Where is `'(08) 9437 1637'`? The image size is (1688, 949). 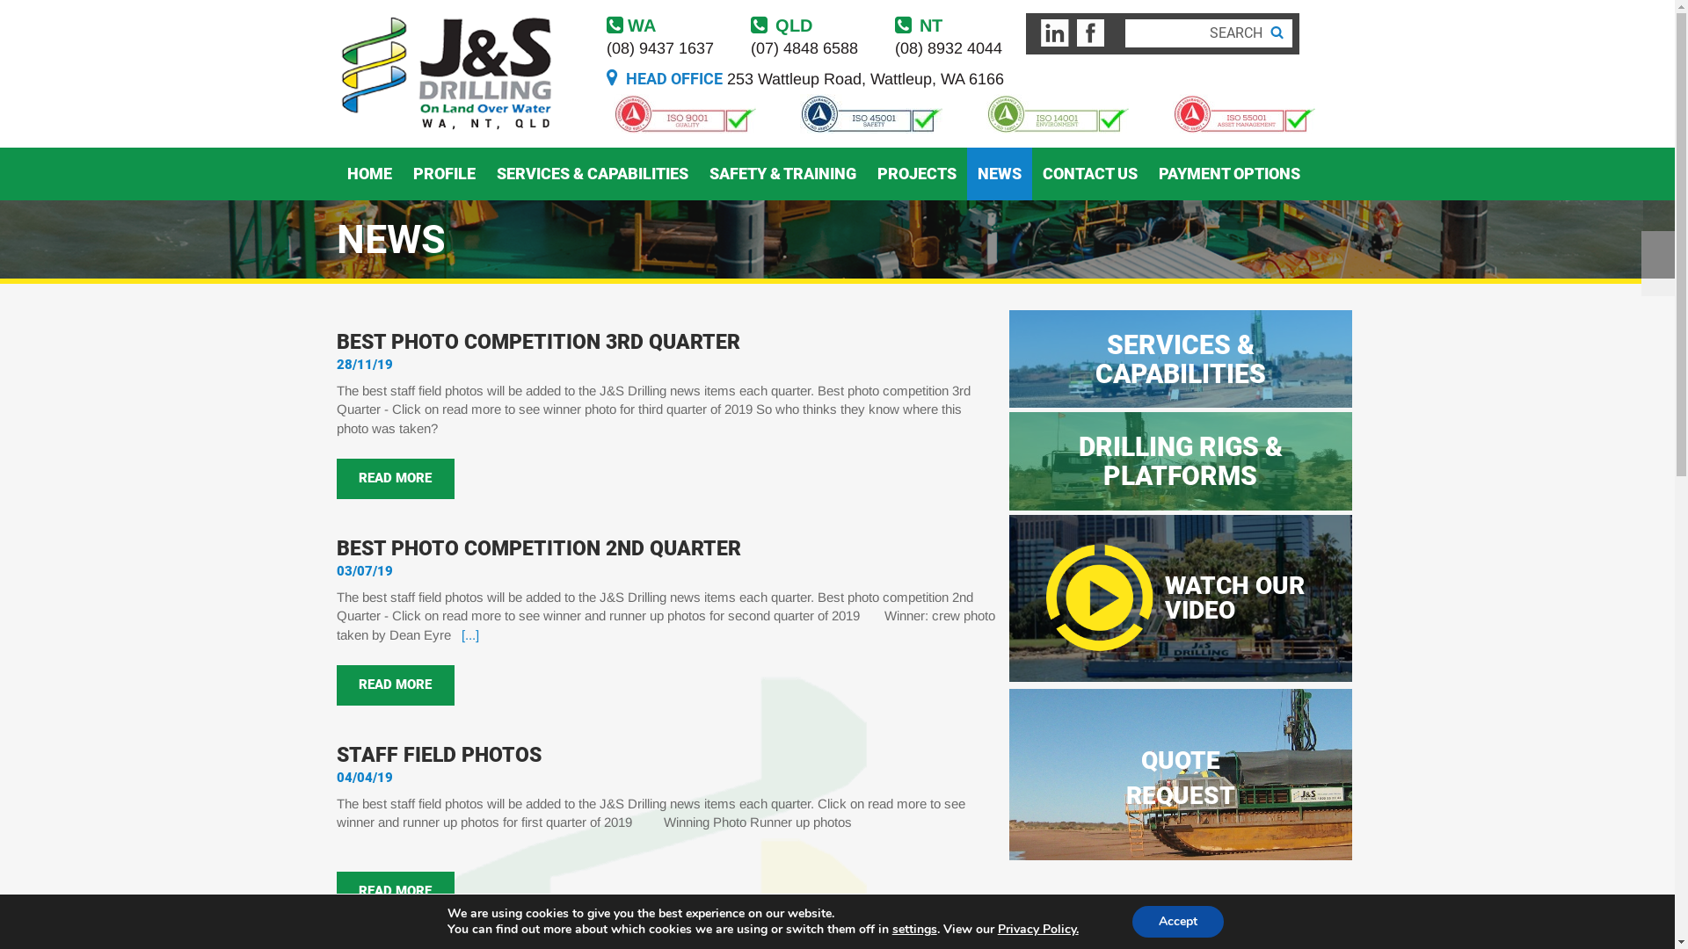 '(08) 9437 1637' is located at coordinates (665, 47).